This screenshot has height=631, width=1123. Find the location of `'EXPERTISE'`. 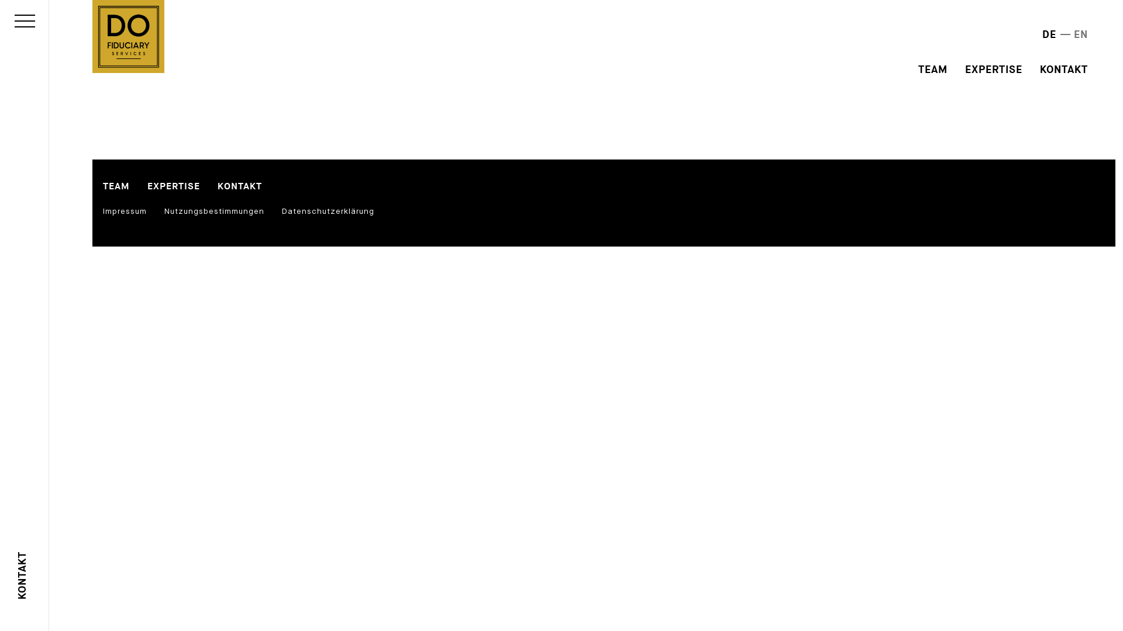

'EXPERTISE' is located at coordinates (147, 186).